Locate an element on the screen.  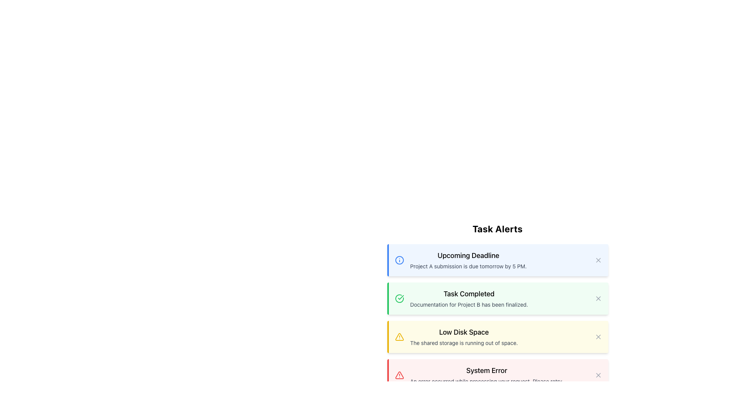
the notification block with a light green background and a bold headline 'Task Completed' is located at coordinates (497, 307).